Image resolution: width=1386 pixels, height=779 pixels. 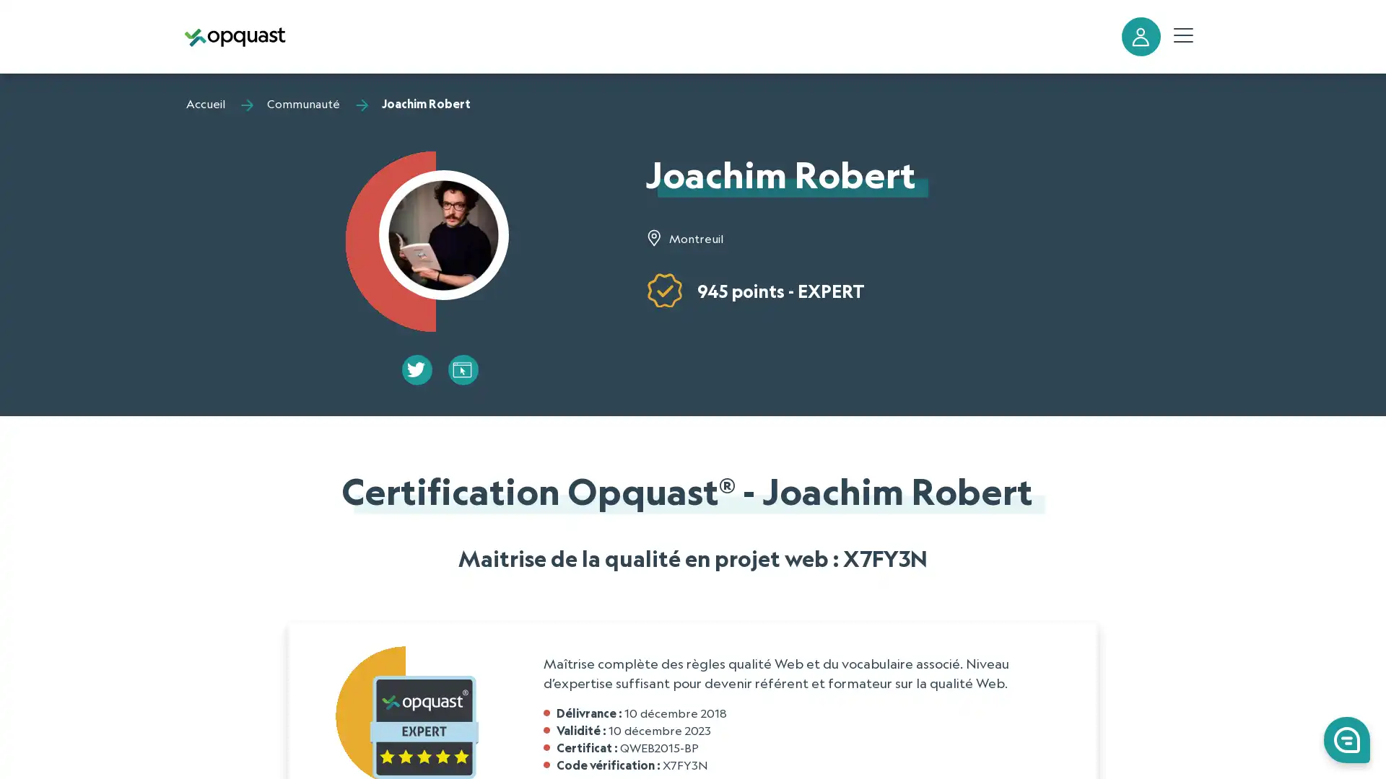 What do you see at coordinates (1346, 740) in the screenshot?
I see `0 Launch Front Chat` at bounding box center [1346, 740].